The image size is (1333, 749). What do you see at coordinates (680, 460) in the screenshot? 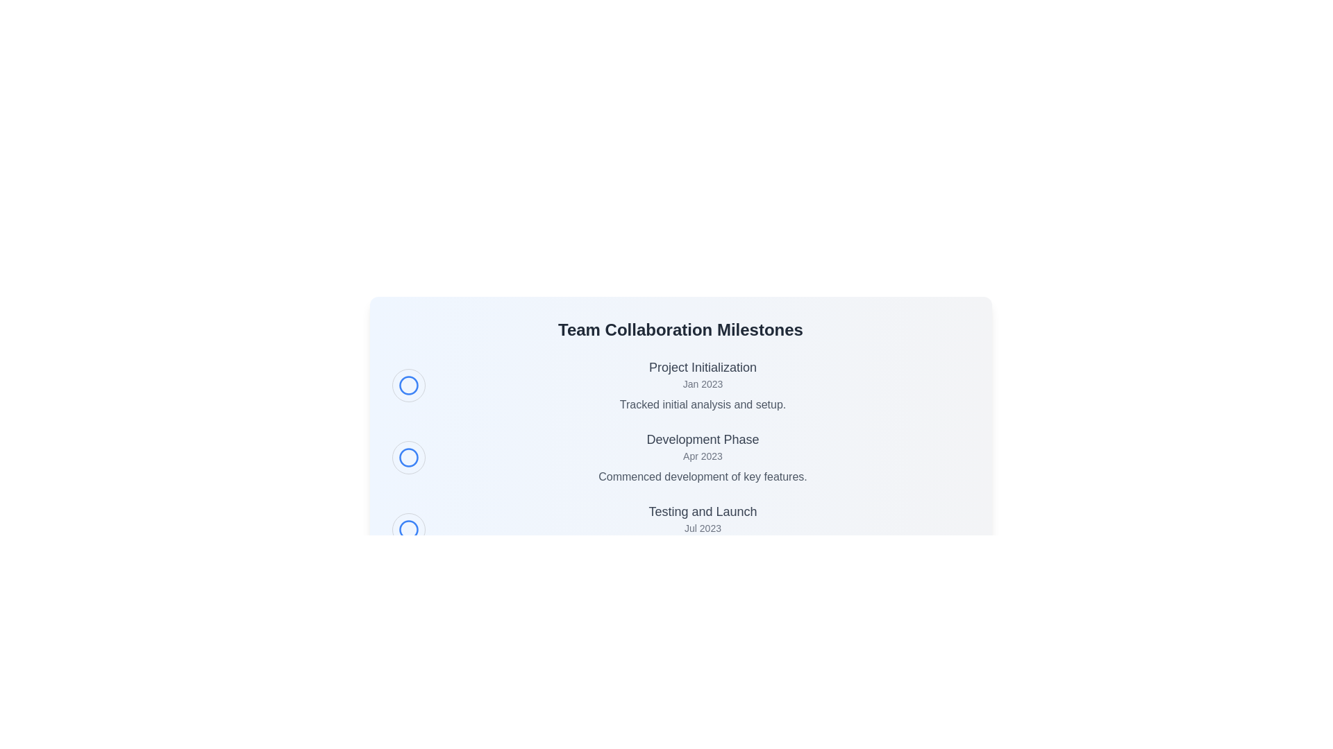
I see `information displayed in the central dedicated content section of the layout, which shows the team's progress milestones and their descriptions` at bounding box center [680, 460].